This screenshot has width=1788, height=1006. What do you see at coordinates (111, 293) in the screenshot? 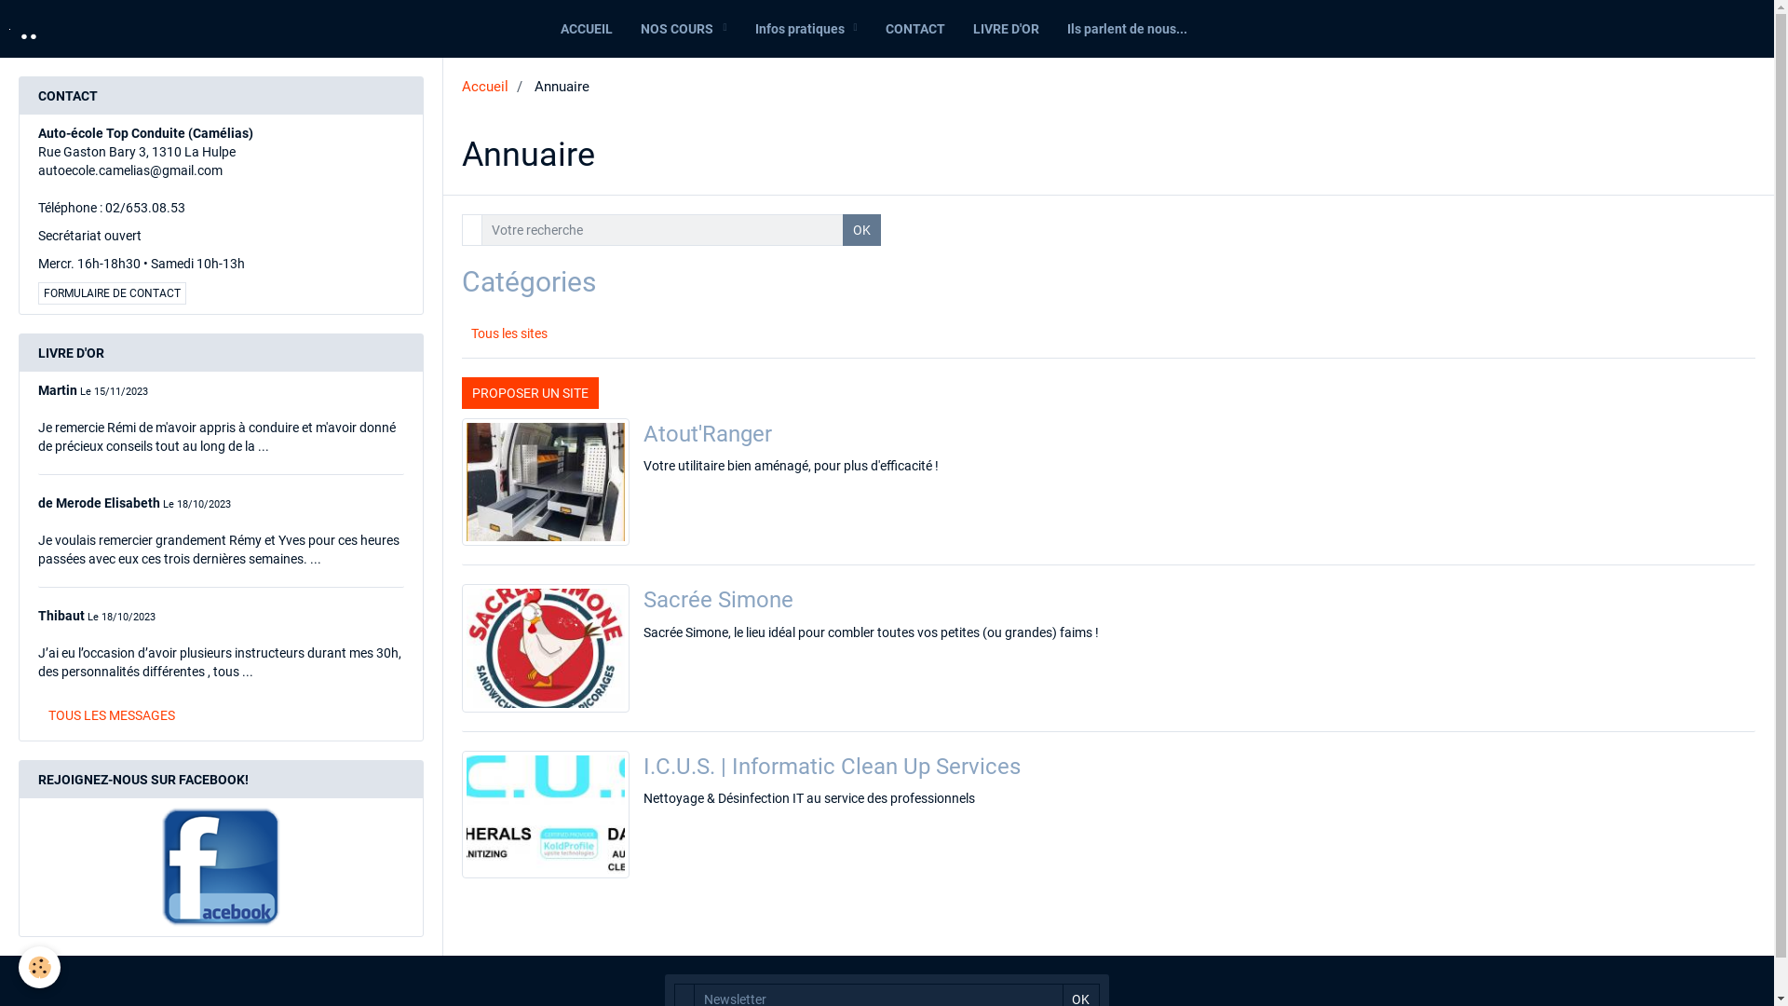
I see `'FORMULAIRE DE CONTACT'` at bounding box center [111, 293].